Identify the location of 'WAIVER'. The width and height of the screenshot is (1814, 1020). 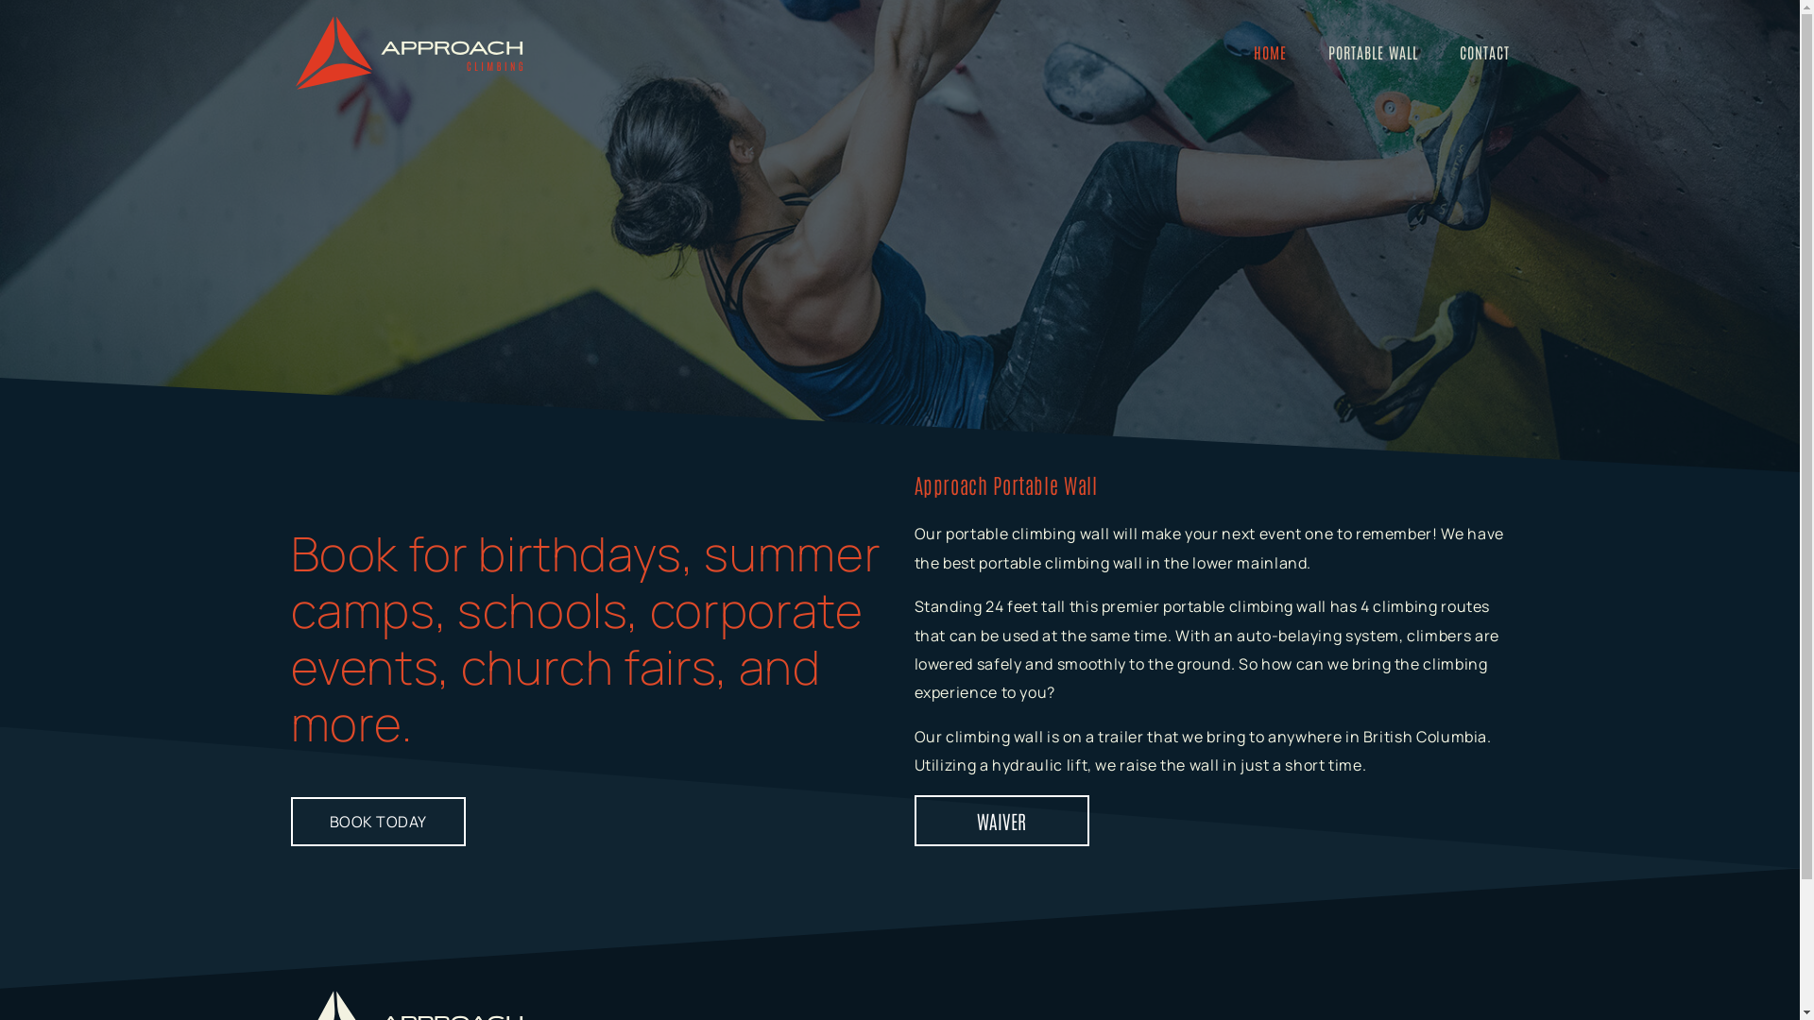
(1001, 819).